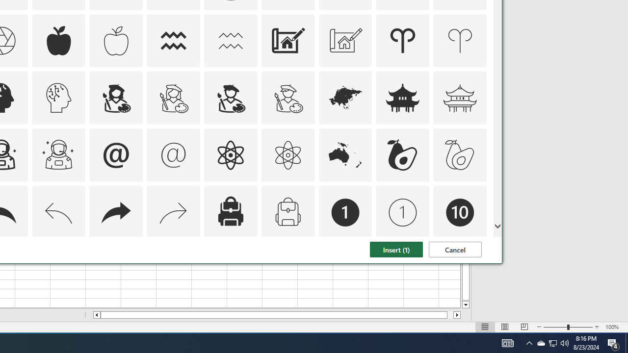 The height and width of the screenshot is (353, 628). What do you see at coordinates (396, 249) in the screenshot?
I see `'Insert (1)'` at bounding box center [396, 249].